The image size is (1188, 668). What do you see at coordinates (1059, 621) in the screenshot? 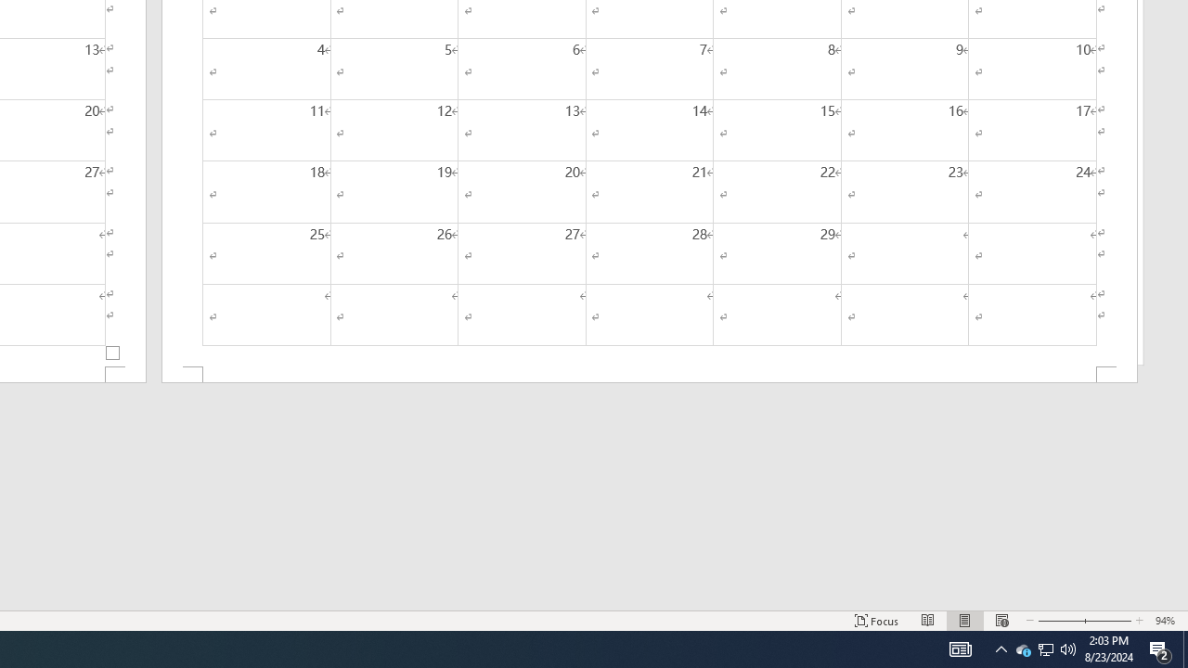
I see `'Zoom Out'` at bounding box center [1059, 621].